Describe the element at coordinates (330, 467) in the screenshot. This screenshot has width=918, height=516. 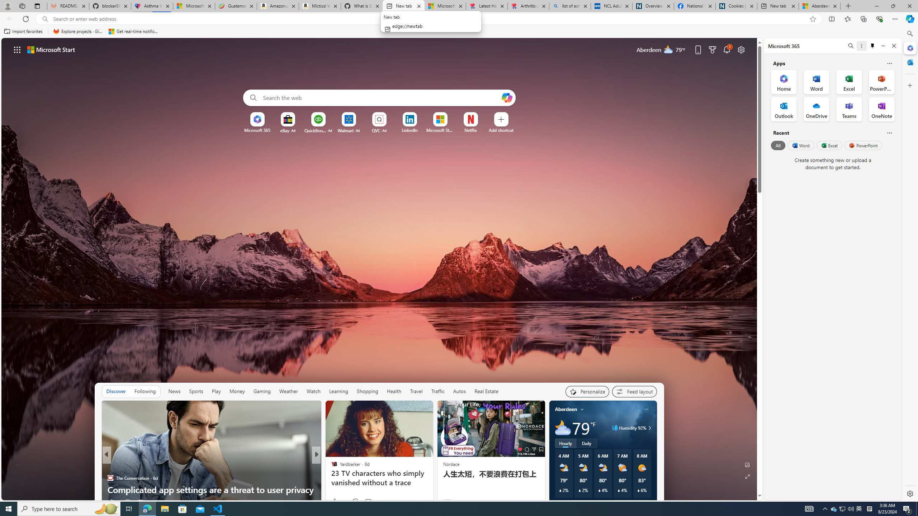
I see `'The Washington Post'` at that location.